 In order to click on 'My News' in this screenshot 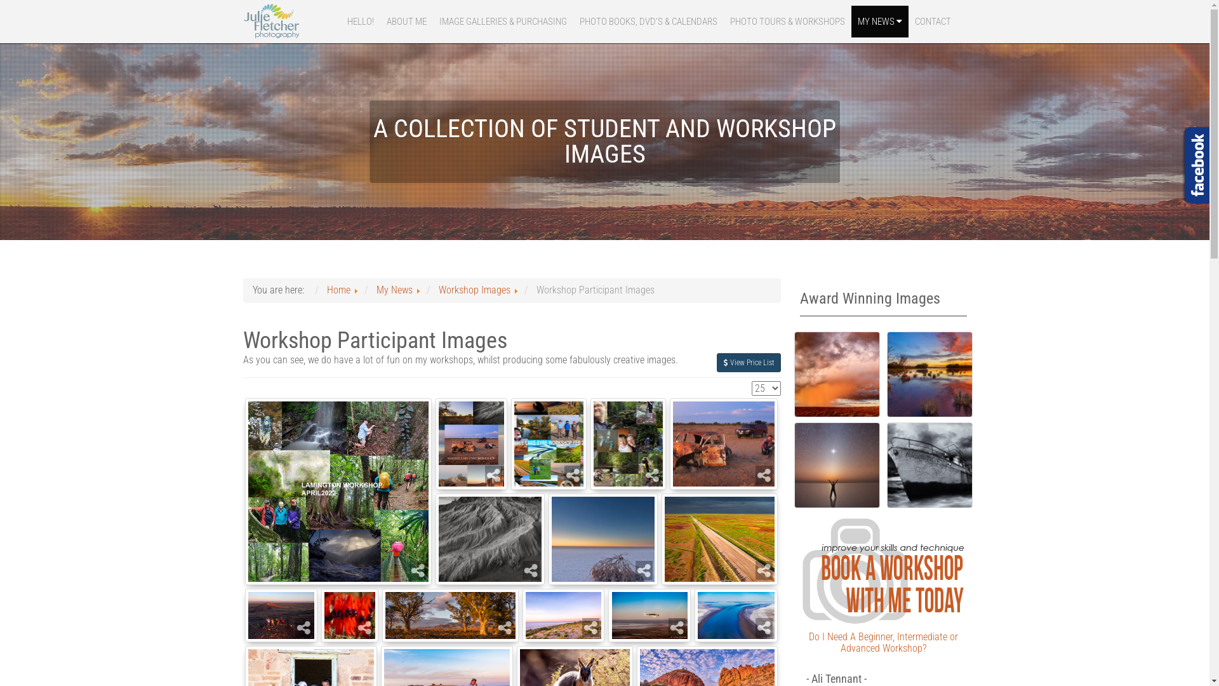, I will do `click(393, 290)`.